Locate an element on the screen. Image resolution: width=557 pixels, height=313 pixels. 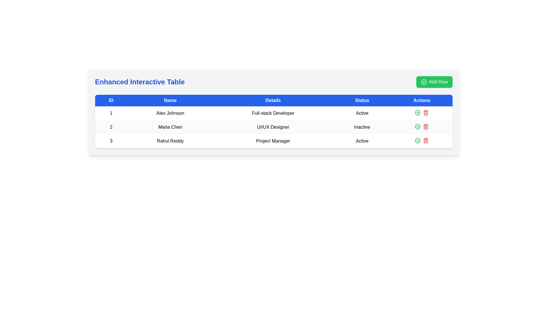
the header cell with a bold blue background and white text displaying 'Details', which is the third cell in the header row of the table is located at coordinates (273, 100).